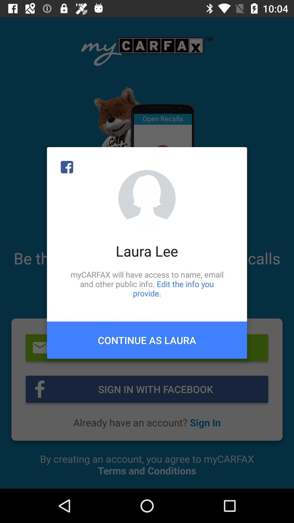  I want to click on the icon above continue as laura item, so click(147, 284).